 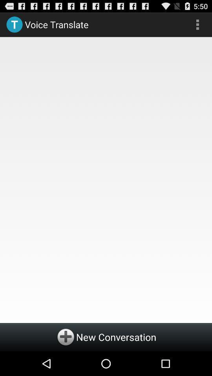 I want to click on the item at the center, so click(x=106, y=179).